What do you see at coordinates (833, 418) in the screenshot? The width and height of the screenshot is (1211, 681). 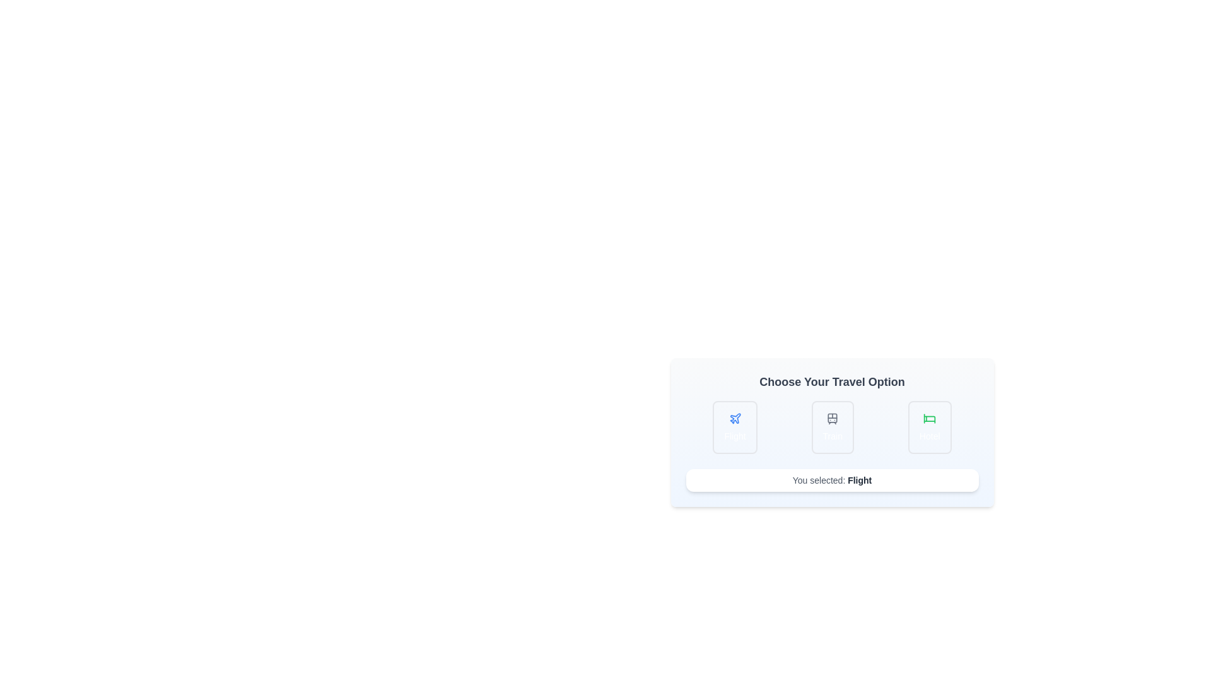 I see `the 'Train' travel option icon, which is the primary icon at the top of the 'Train' option card` at bounding box center [833, 418].